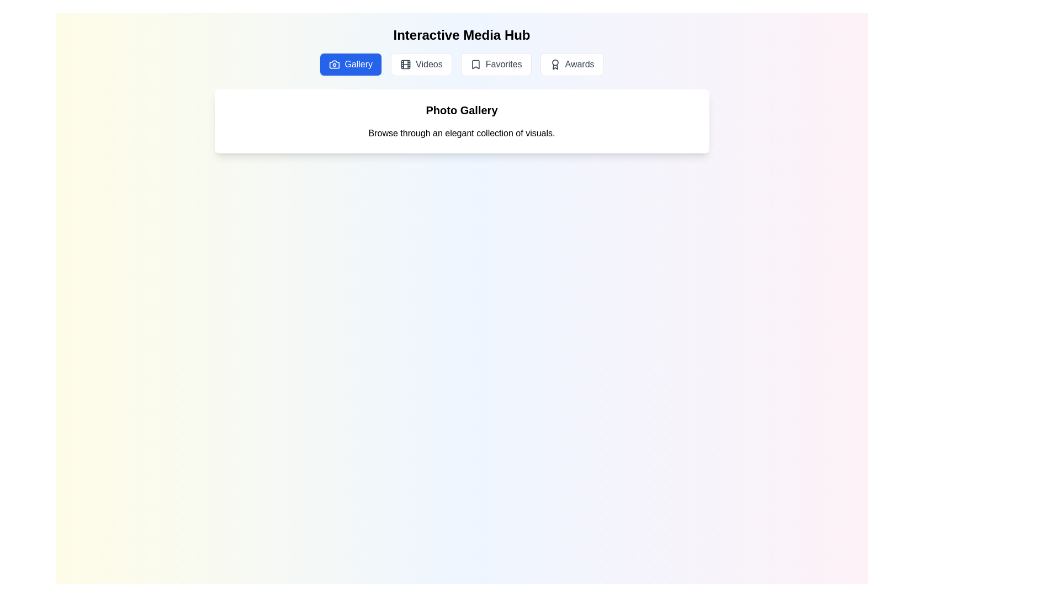 The image size is (1060, 596). Describe the element at coordinates (572, 64) in the screenshot. I see `the 'Awards' button, which is a rectangular button with rounded corners and an icon of a ribbon next to the text` at that location.